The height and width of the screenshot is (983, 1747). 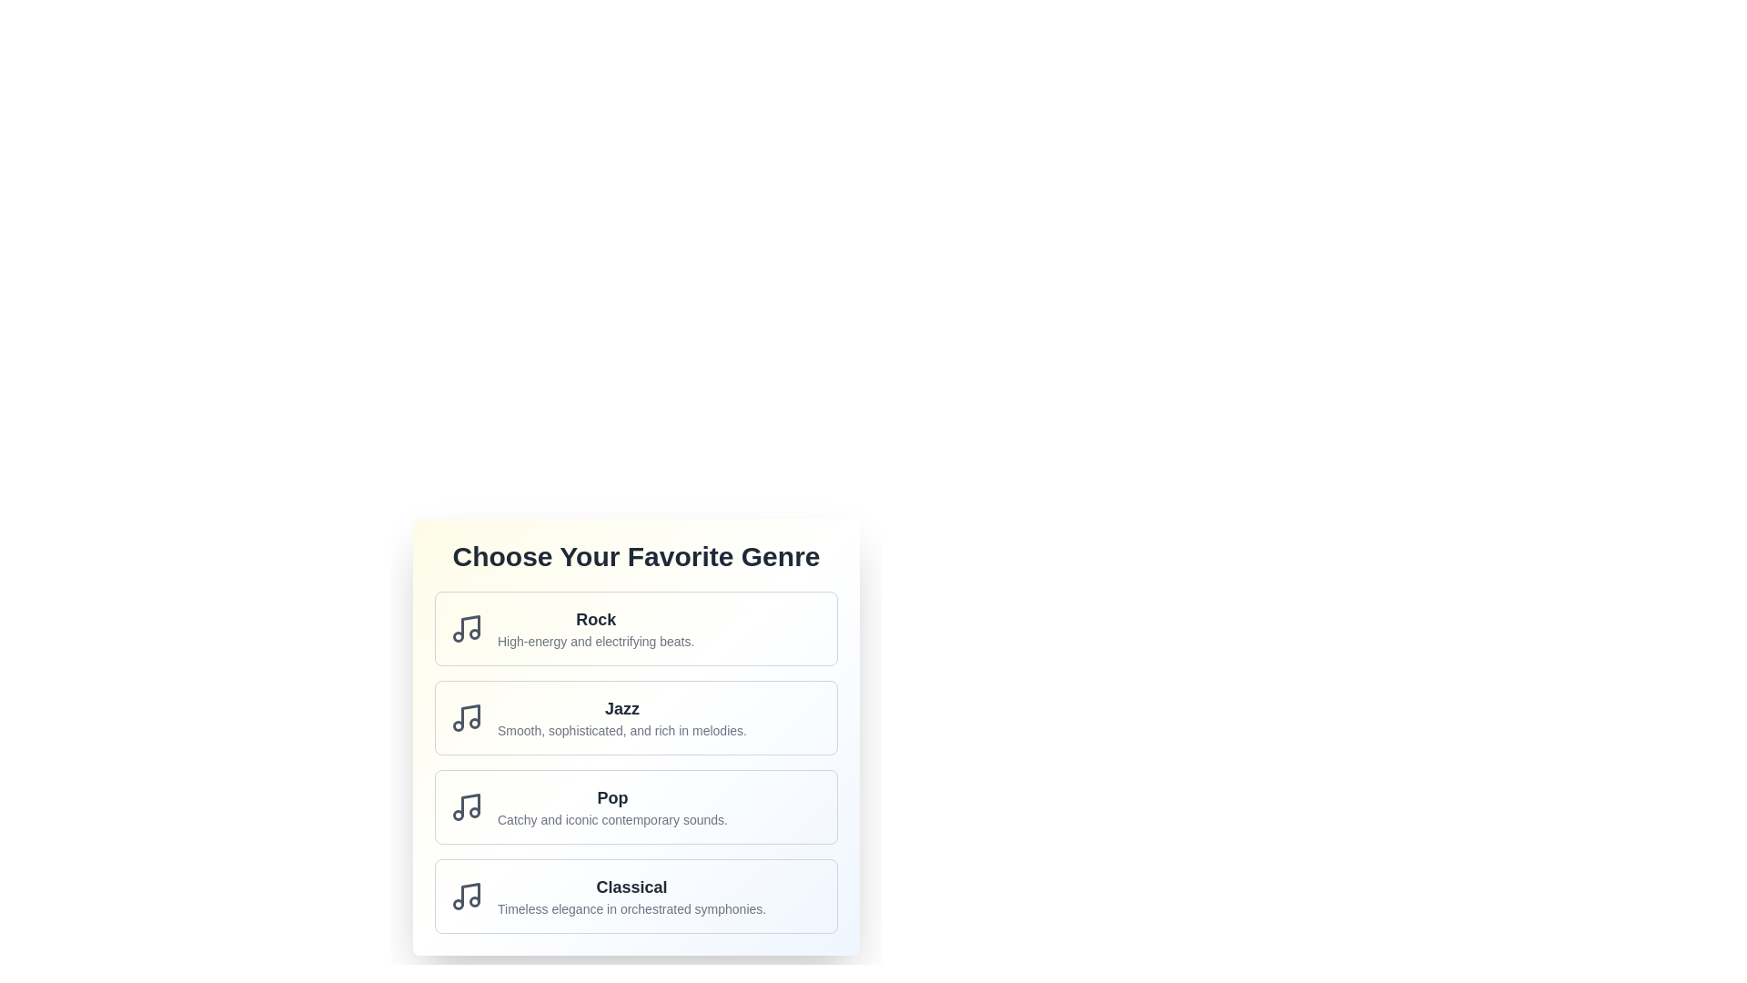 I want to click on the text label displaying 'Catchy and iconic contemporary sounds.' which is located beneath the 'Pop' label within the genre selection card, so click(x=612, y=820).